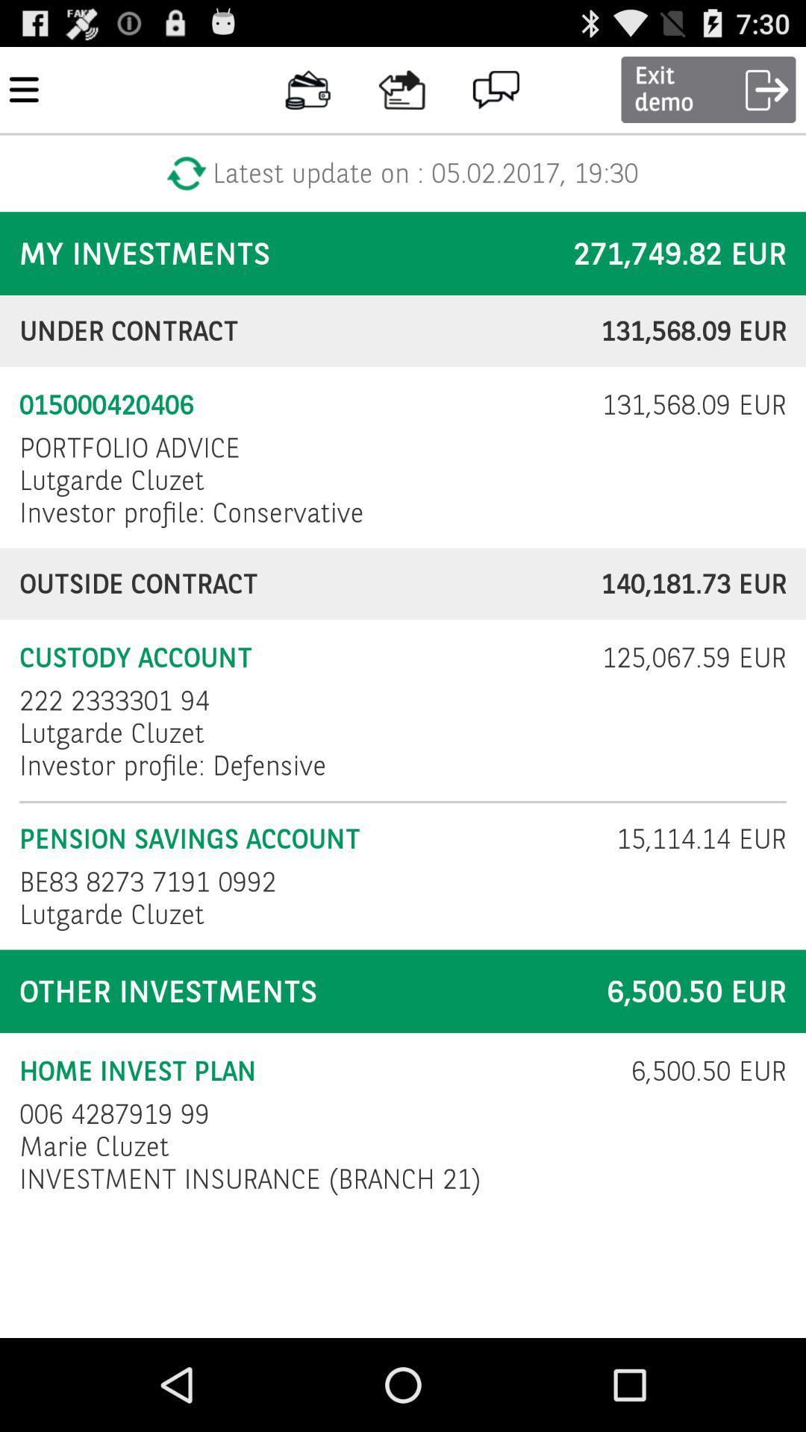  I want to click on 006 4287919 99, so click(113, 1114).